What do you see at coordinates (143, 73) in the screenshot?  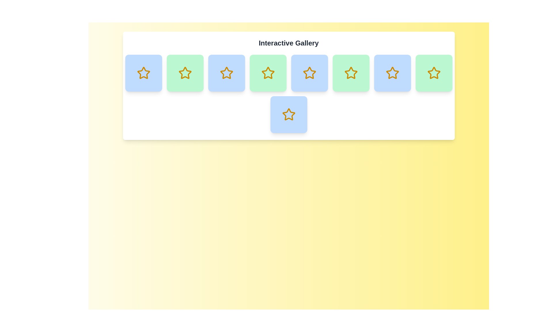 I see `the yellow-outlined star icon located within the blue rectangular card, which is the second card from the left in the top row of a horizontally aligned grid of cards` at bounding box center [143, 73].